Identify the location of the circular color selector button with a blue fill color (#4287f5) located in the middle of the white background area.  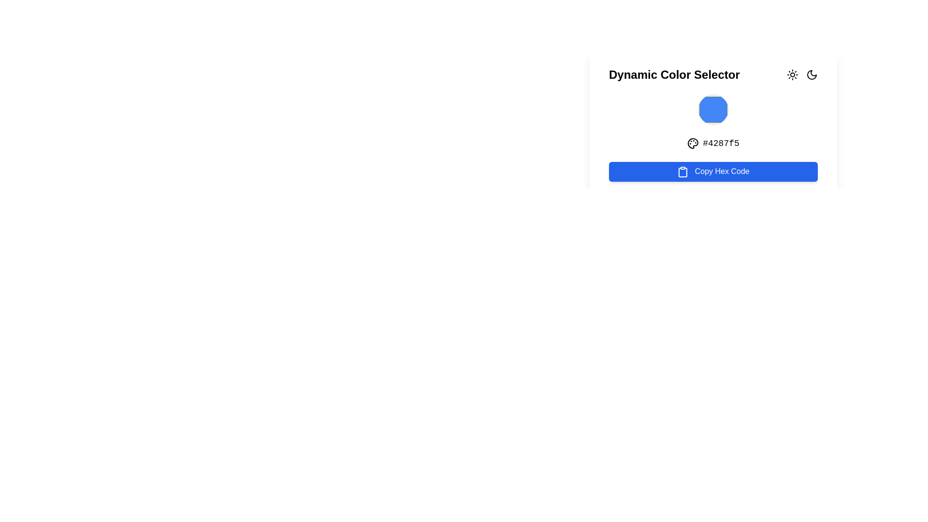
(713, 109).